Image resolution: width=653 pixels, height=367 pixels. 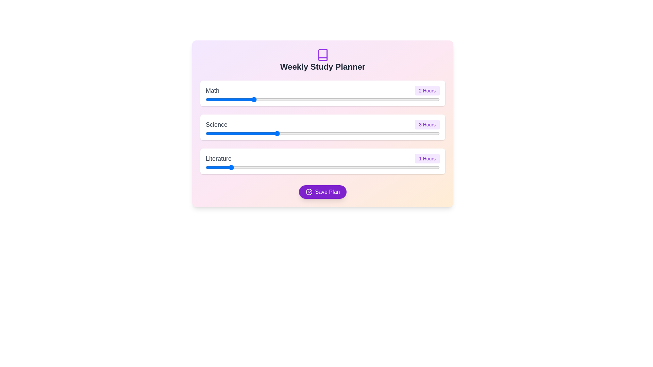 I want to click on the 'Save Plan' button to save the changes, so click(x=322, y=192).